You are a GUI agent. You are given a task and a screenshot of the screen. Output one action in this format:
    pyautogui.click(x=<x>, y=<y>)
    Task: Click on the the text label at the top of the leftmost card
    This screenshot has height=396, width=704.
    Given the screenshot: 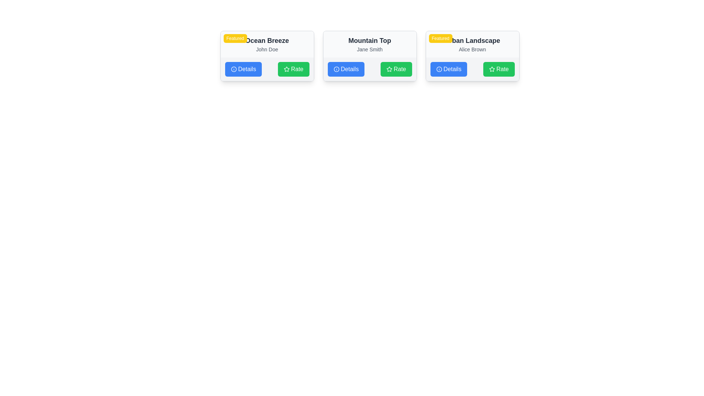 What is the action you would take?
    pyautogui.click(x=267, y=41)
    